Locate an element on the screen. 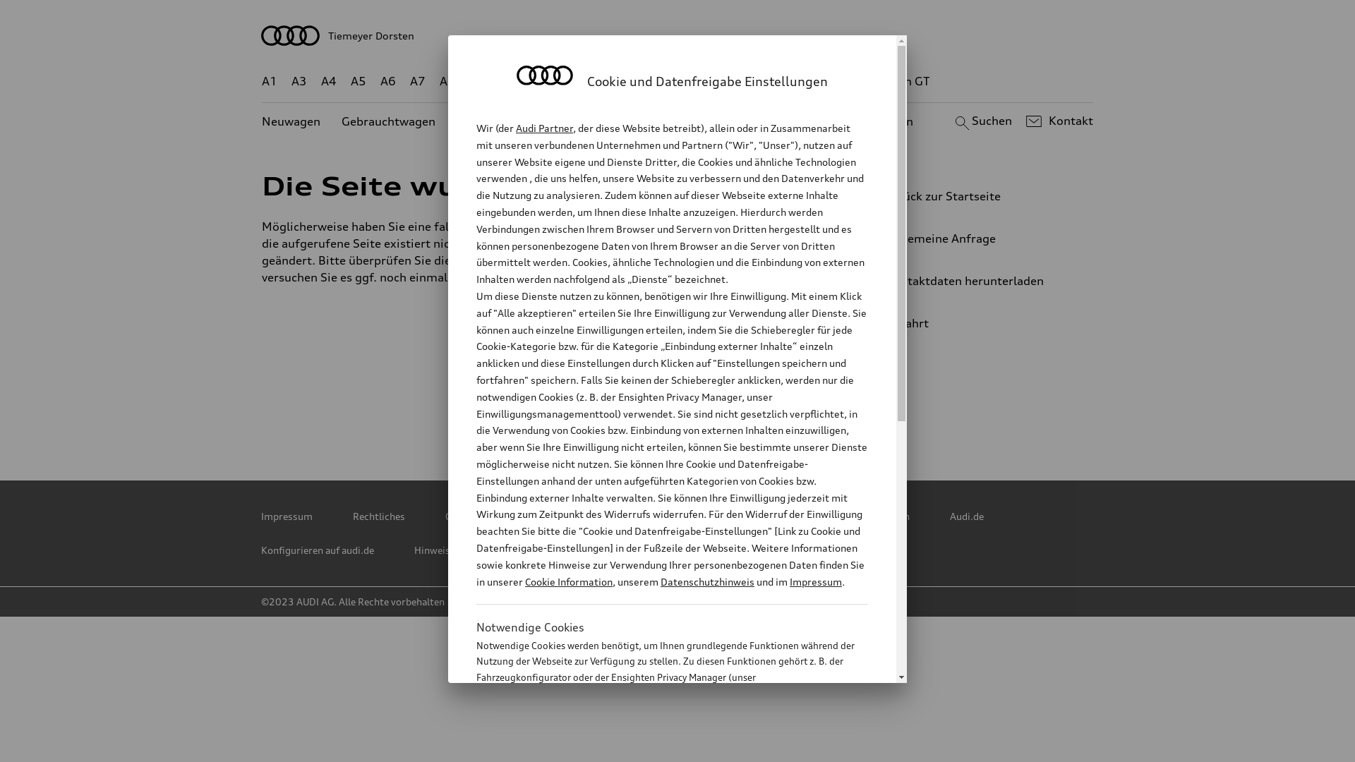 The height and width of the screenshot is (762, 1355). 'Allgemeine Anfrage' is located at coordinates (970, 238).